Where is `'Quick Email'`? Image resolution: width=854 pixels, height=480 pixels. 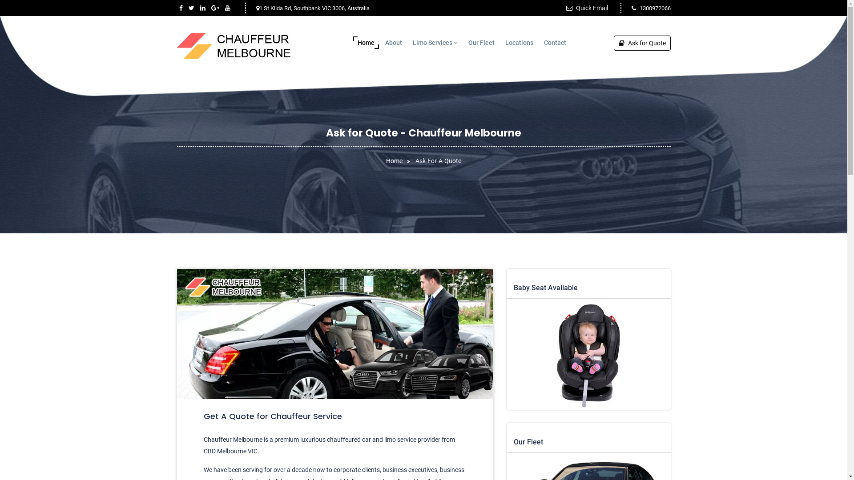 'Quick Email' is located at coordinates (587, 8).